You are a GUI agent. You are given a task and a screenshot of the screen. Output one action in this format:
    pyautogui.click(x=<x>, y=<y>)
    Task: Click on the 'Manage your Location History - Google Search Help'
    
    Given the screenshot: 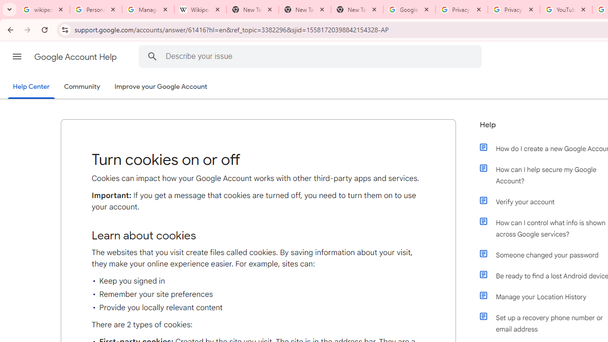 What is the action you would take?
    pyautogui.click(x=148, y=9)
    